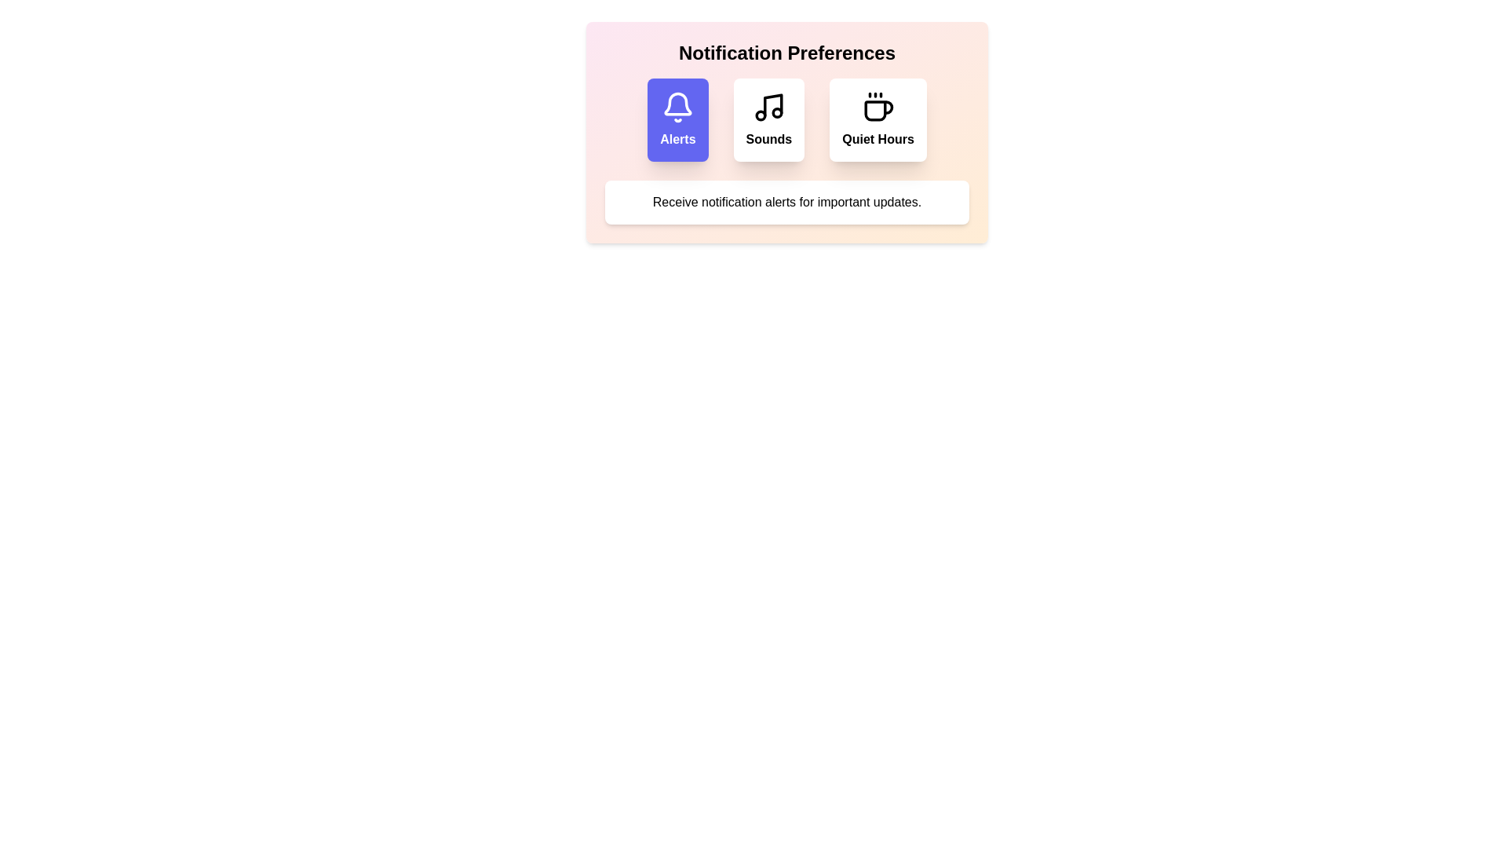 This screenshot has width=1507, height=848. Describe the element at coordinates (877, 119) in the screenshot. I see `the notification preference option Quiet Hours` at that location.